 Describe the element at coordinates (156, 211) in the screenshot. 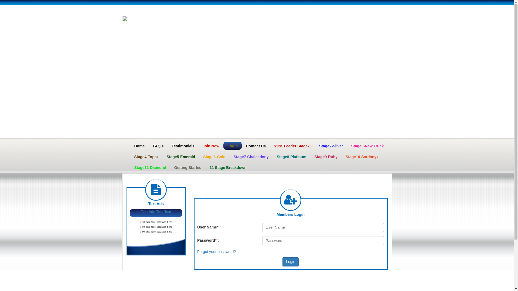

I see `'Text Ads Title Text'` at that location.